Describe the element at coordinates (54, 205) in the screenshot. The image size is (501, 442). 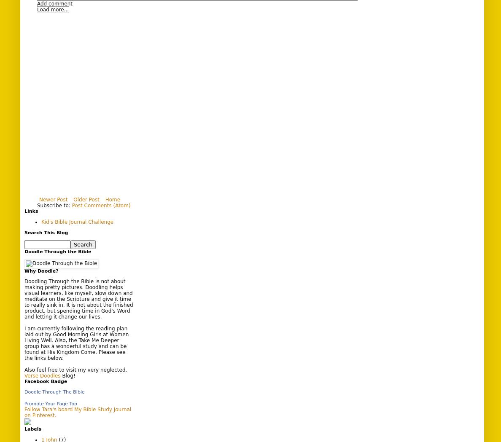
I see `'Subscribe to:'` at that location.